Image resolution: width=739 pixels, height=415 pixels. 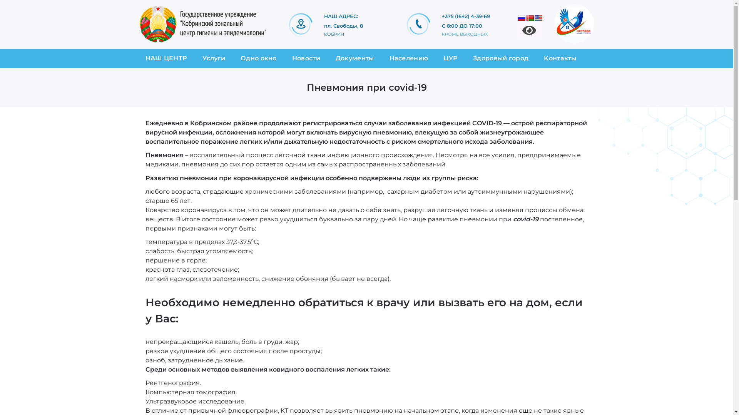 What do you see at coordinates (534, 17) in the screenshot?
I see `'English'` at bounding box center [534, 17].